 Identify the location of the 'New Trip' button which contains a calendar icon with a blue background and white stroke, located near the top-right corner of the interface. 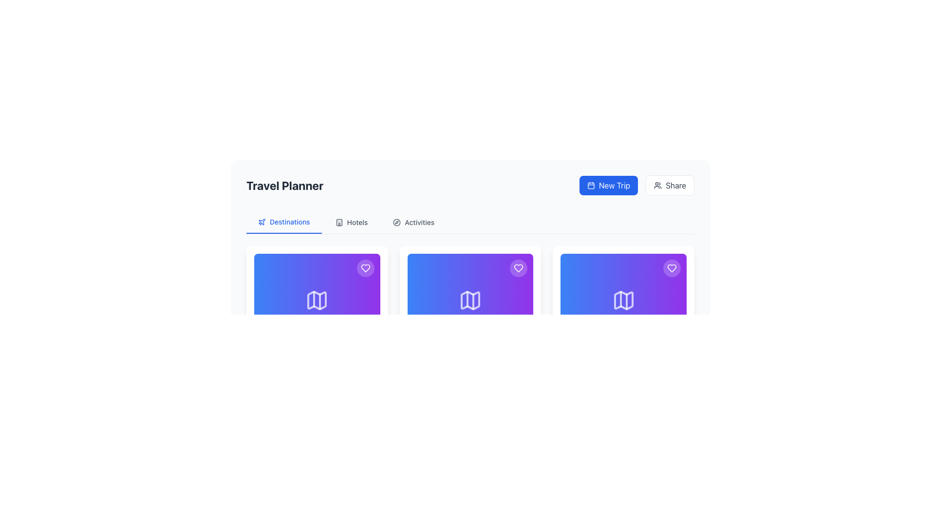
(591, 186).